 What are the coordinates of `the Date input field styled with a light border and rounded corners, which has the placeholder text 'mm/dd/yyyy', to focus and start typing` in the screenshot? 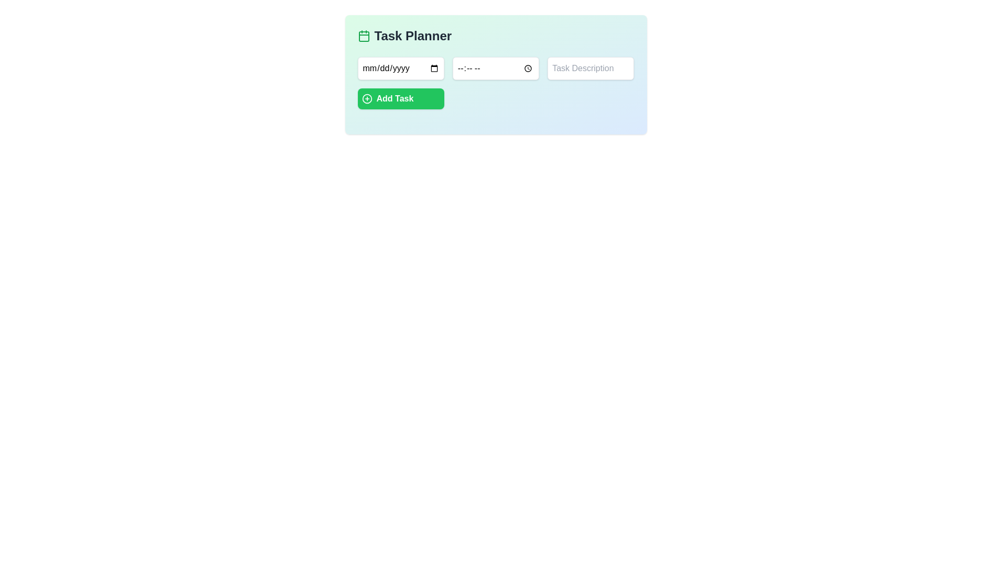 It's located at (400, 69).